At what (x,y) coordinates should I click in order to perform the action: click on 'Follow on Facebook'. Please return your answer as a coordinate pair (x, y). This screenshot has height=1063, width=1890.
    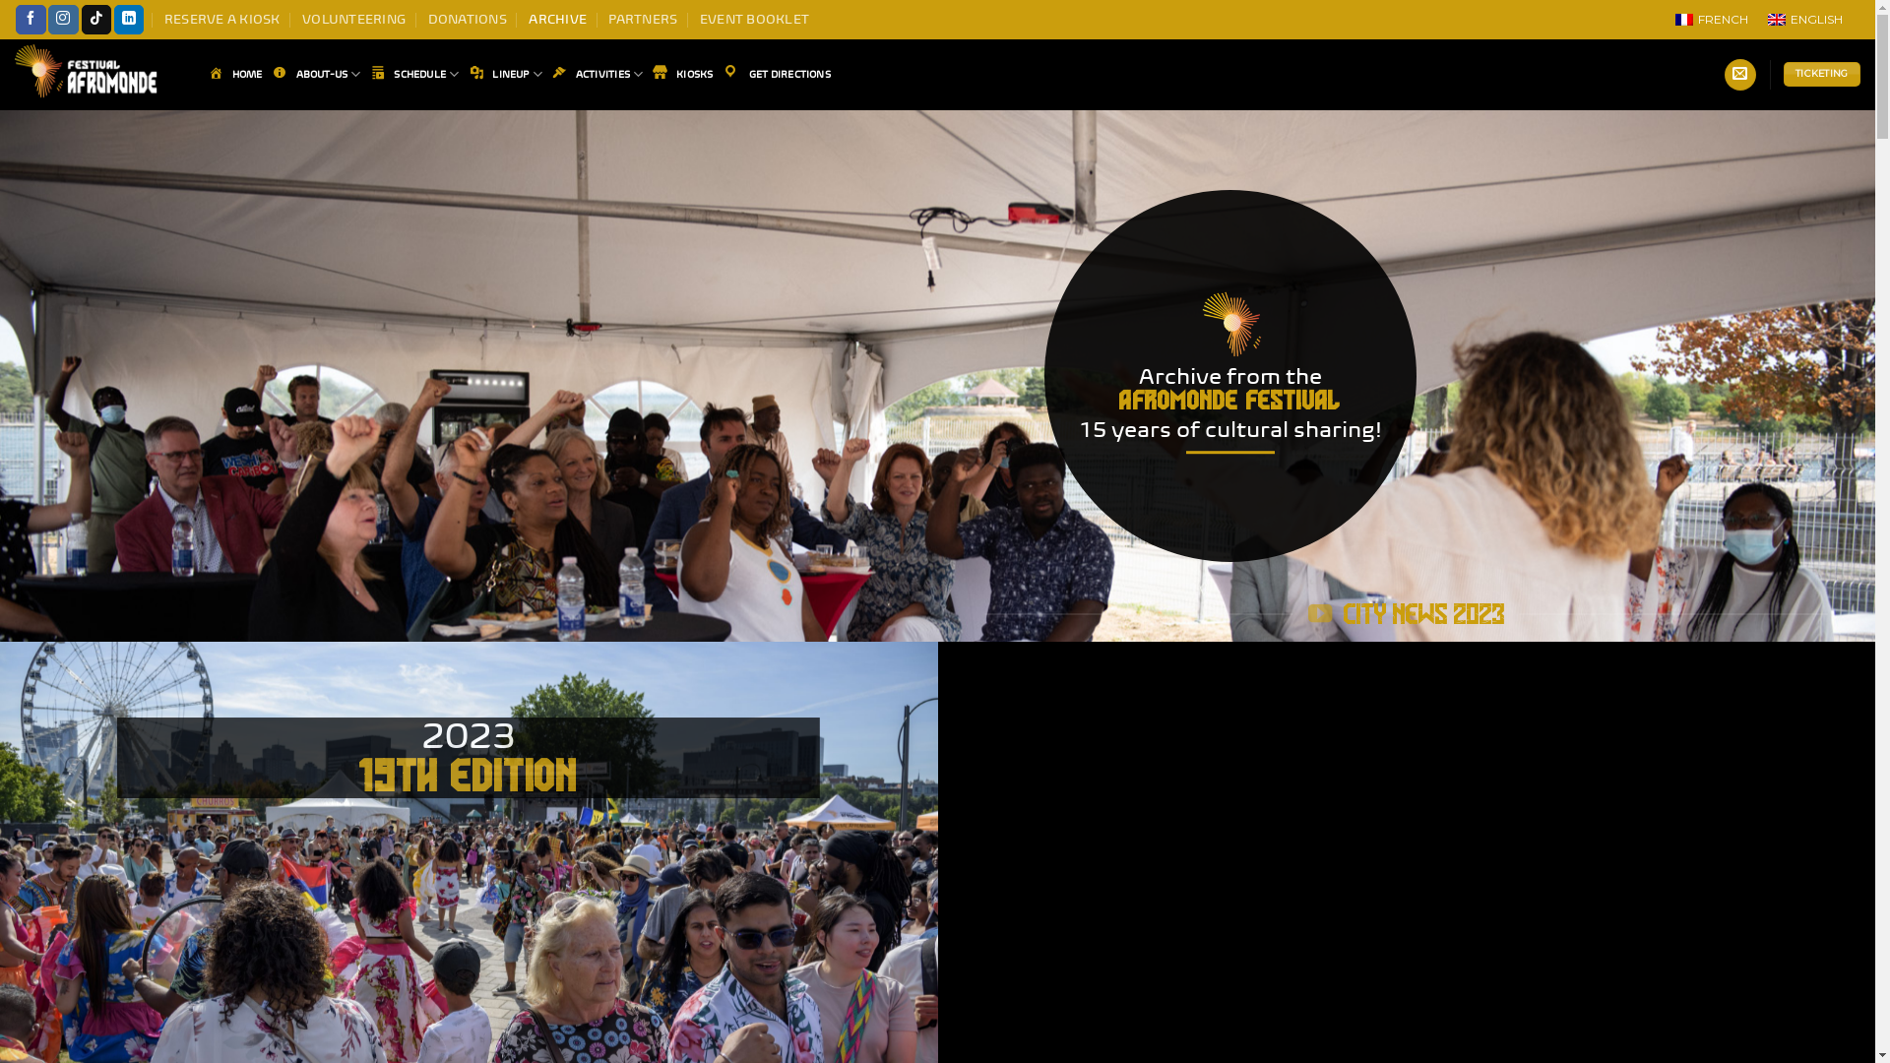
    Looking at the image, I should click on (30, 19).